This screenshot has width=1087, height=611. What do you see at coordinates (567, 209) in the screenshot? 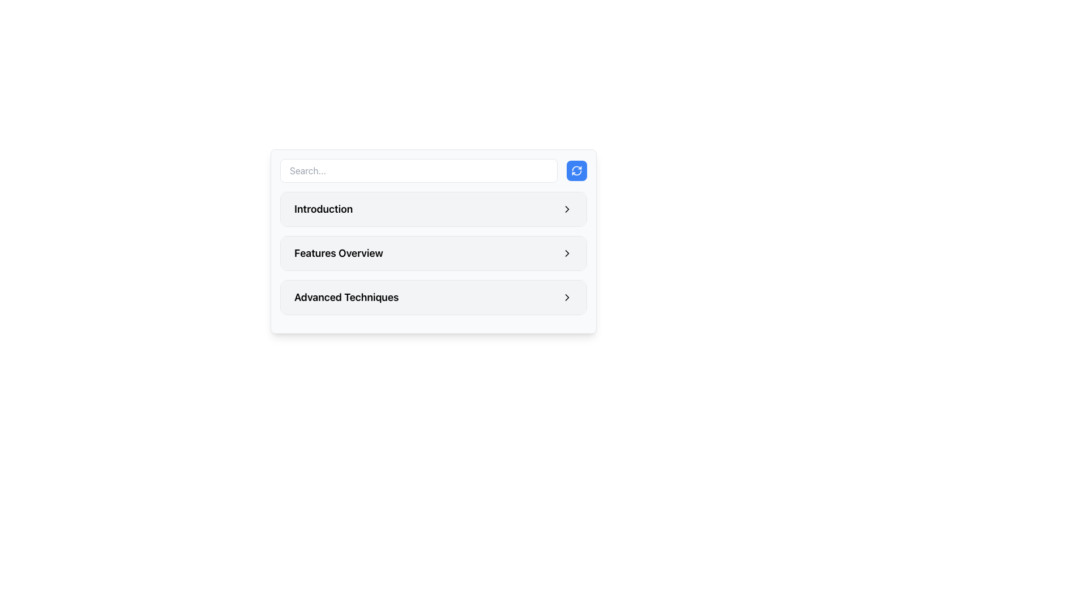
I see `the chevron-shaped right arrow icon with a black stroke located to the right of the 'Introduction' text` at bounding box center [567, 209].